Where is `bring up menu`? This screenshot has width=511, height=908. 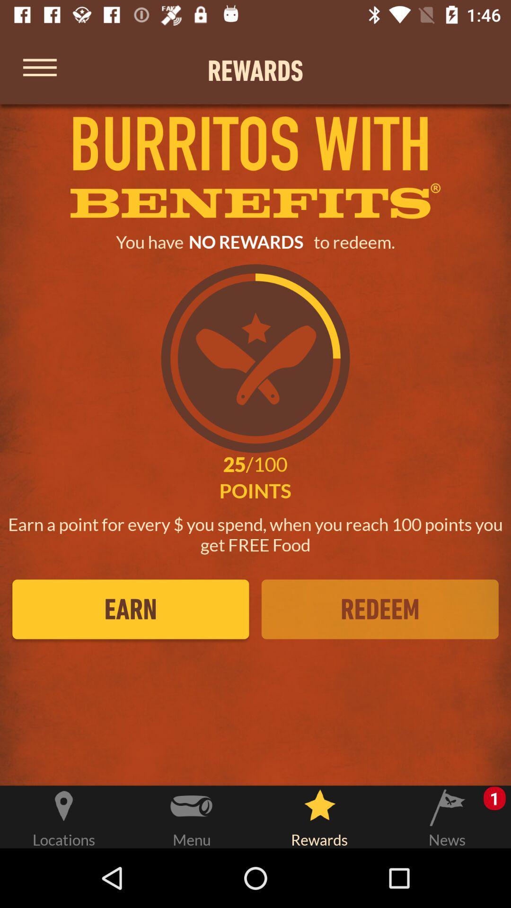
bring up menu is located at coordinates (39, 70).